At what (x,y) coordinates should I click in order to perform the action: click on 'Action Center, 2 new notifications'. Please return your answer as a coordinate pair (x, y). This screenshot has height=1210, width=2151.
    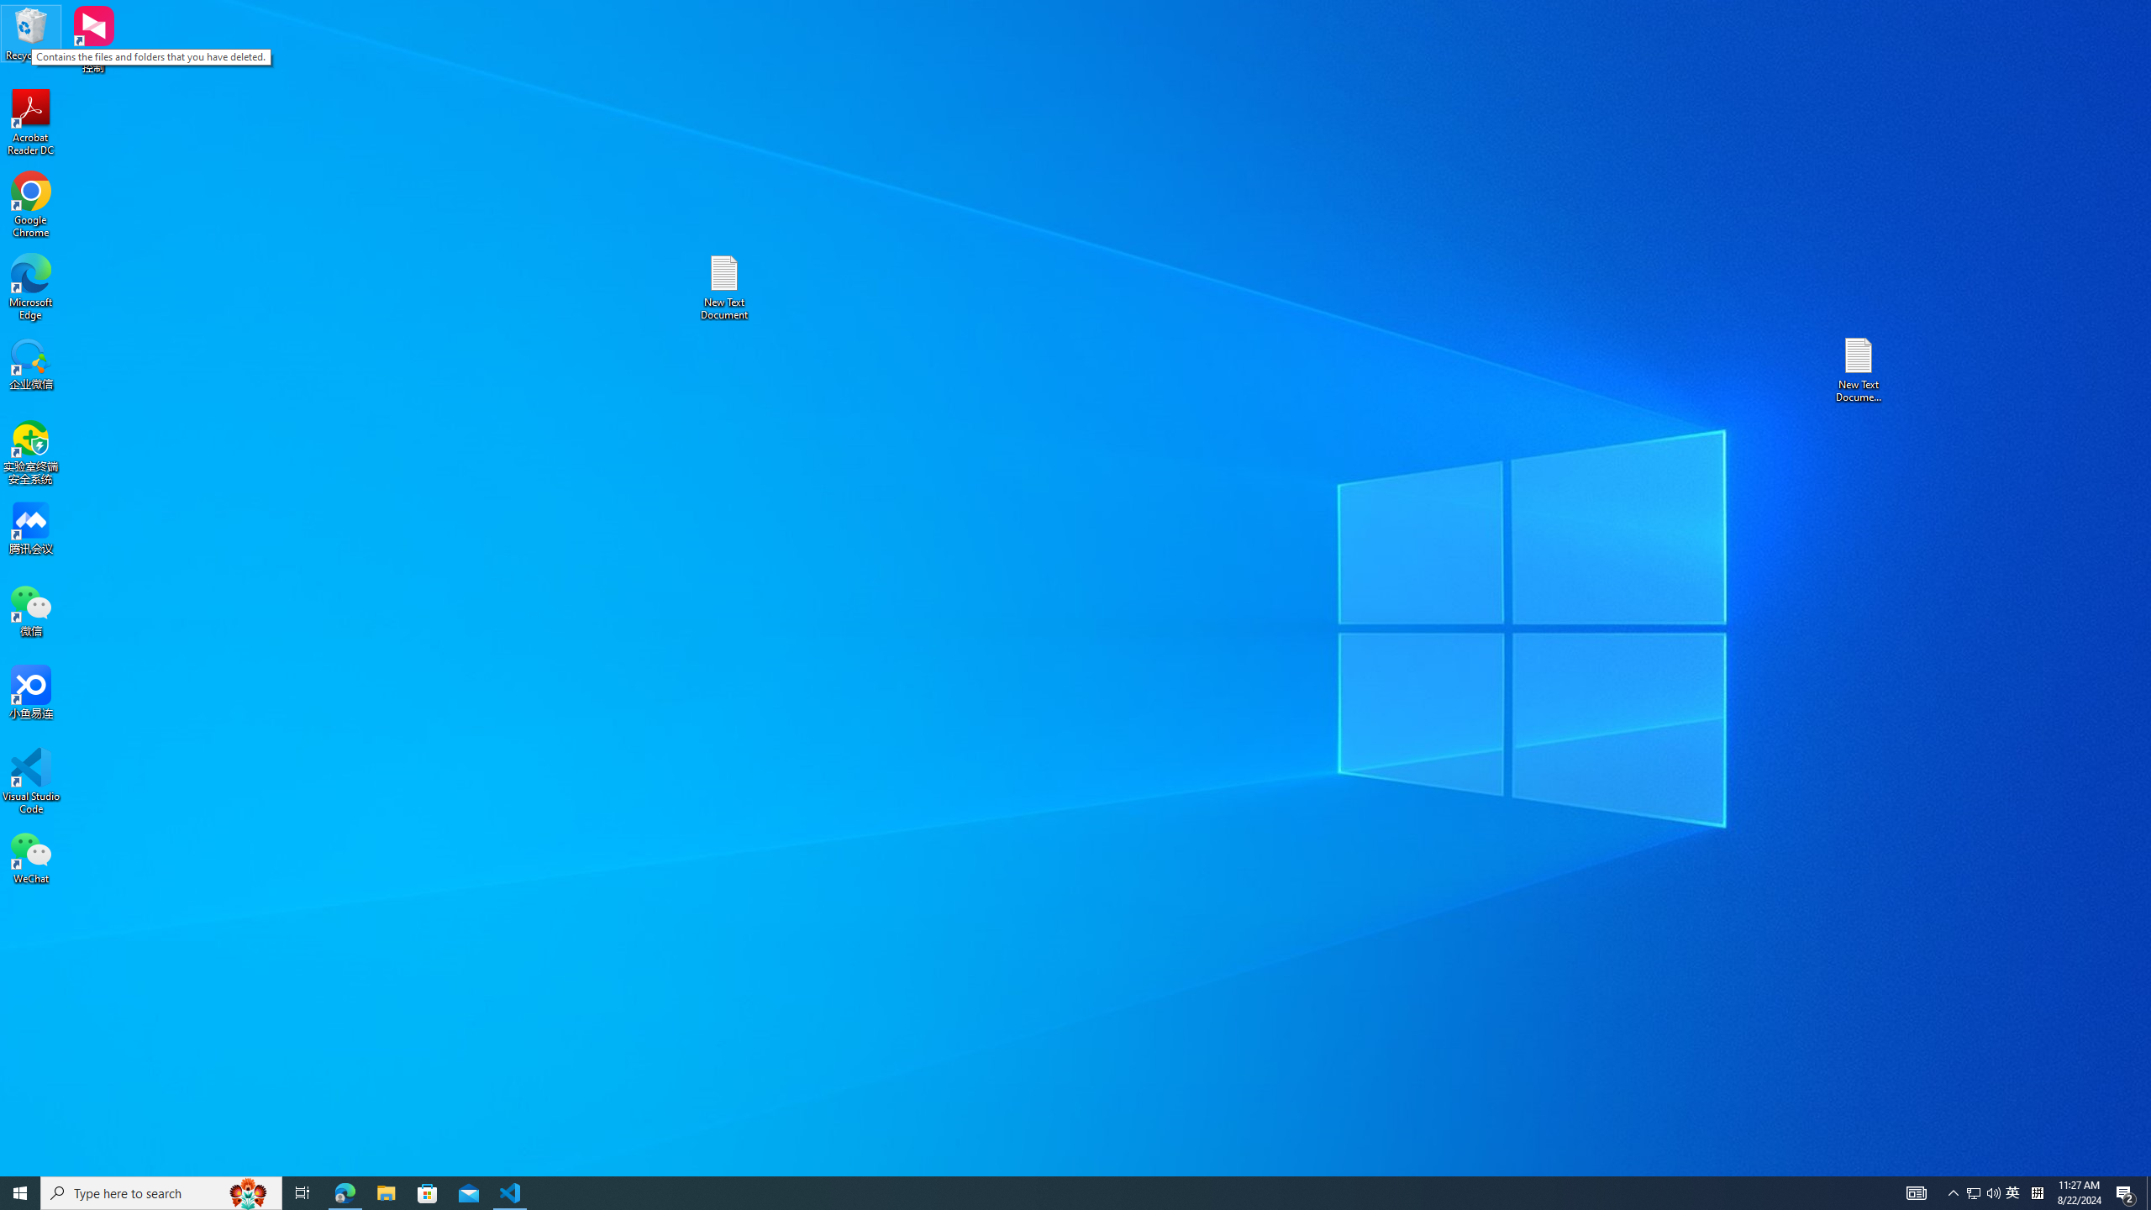
    Looking at the image, I should click on (2126, 1192).